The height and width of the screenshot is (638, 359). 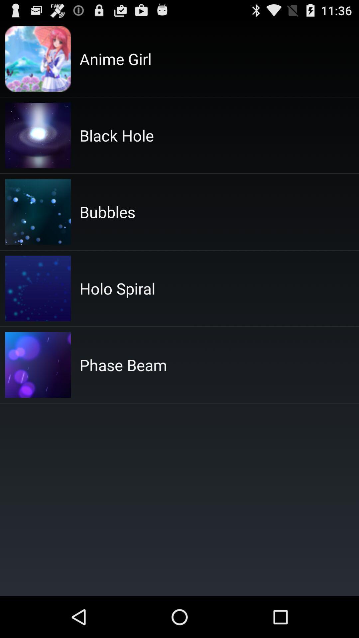 What do you see at coordinates (116, 135) in the screenshot?
I see `app below anime girl` at bounding box center [116, 135].